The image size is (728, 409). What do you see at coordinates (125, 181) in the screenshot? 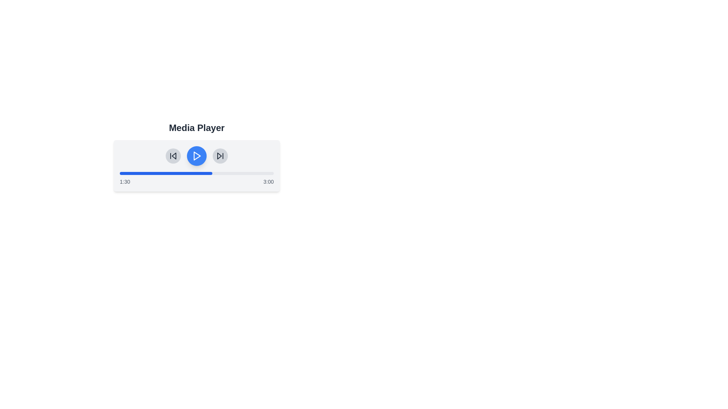
I see `the elapsed time text located at the bottom-left corner of the media player's progress bar` at bounding box center [125, 181].